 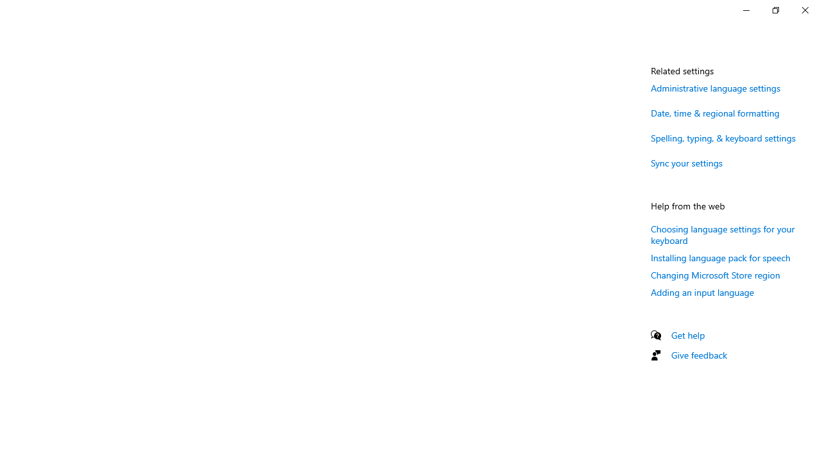 I want to click on 'Restore Settings', so click(x=775, y=10).